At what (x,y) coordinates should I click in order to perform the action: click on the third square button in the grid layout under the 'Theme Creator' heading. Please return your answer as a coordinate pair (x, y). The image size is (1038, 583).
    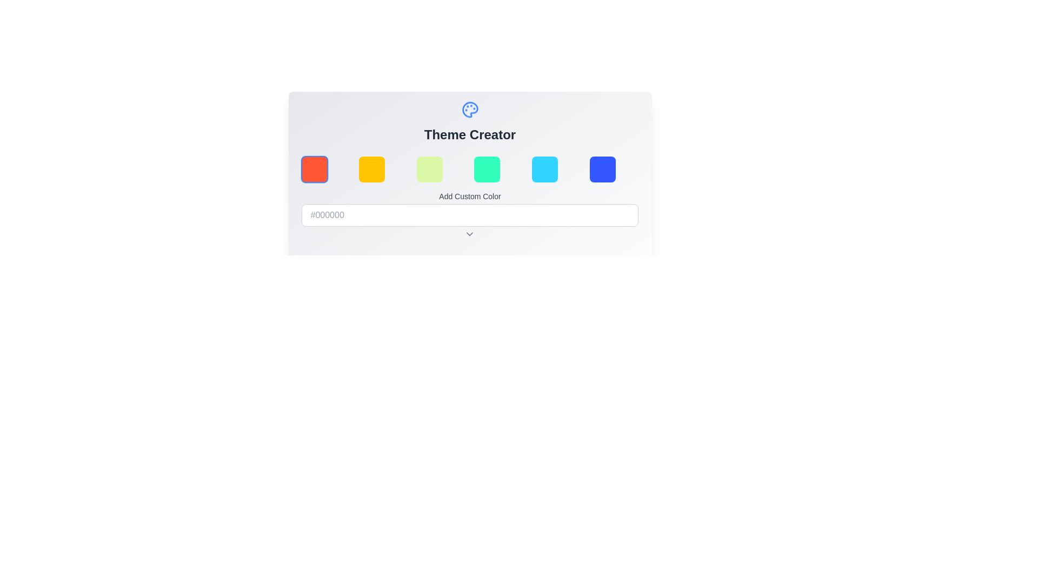
    Looking at the image, I should click on (429, 169).